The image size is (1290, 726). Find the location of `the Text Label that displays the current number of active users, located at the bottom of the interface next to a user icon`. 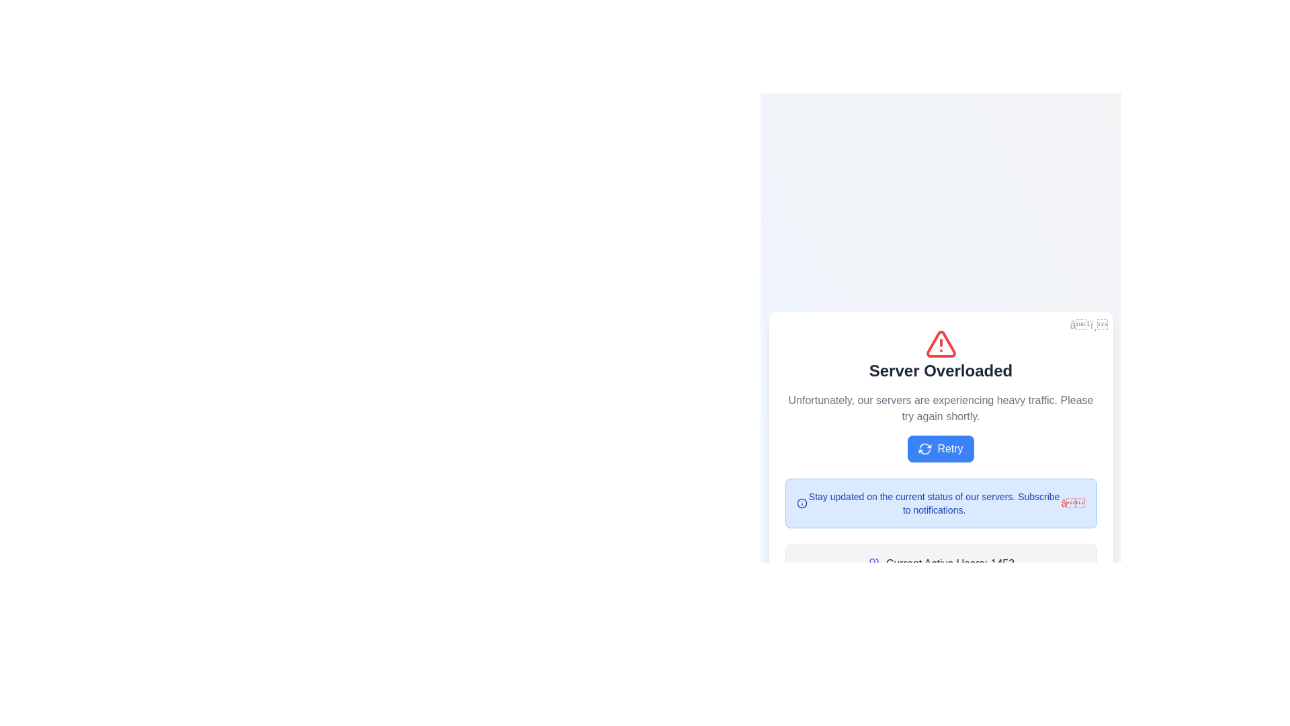

the Text Label that displays the current number of active users, located at the bottom of the interface next to a user icon is located at coordinates (949, 564).